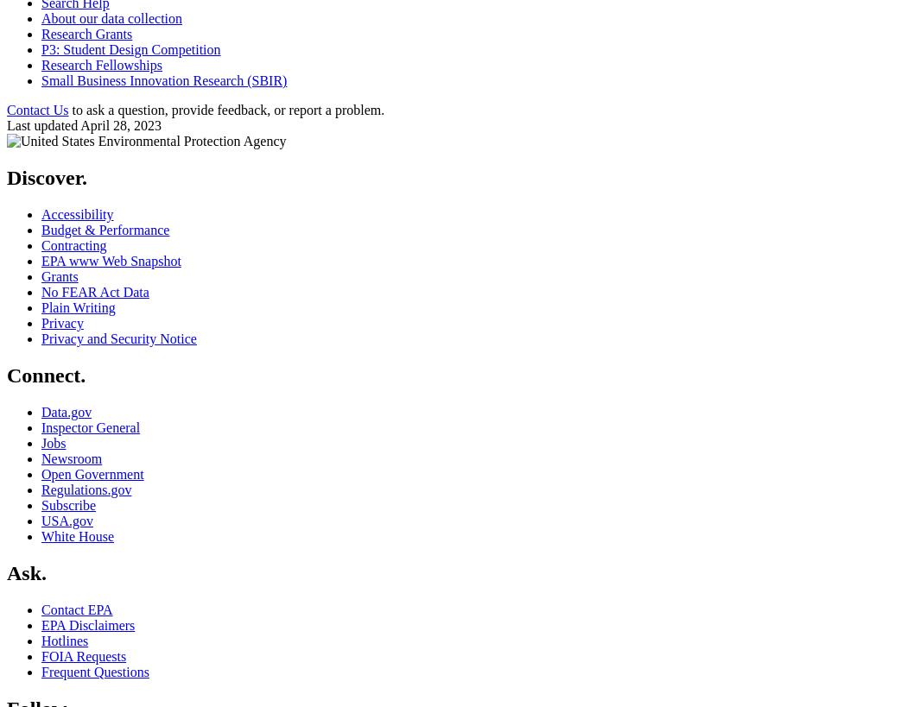  Describe the element at coordinates (58, 276) in the screenshot. I see `'Grants'` at that location.